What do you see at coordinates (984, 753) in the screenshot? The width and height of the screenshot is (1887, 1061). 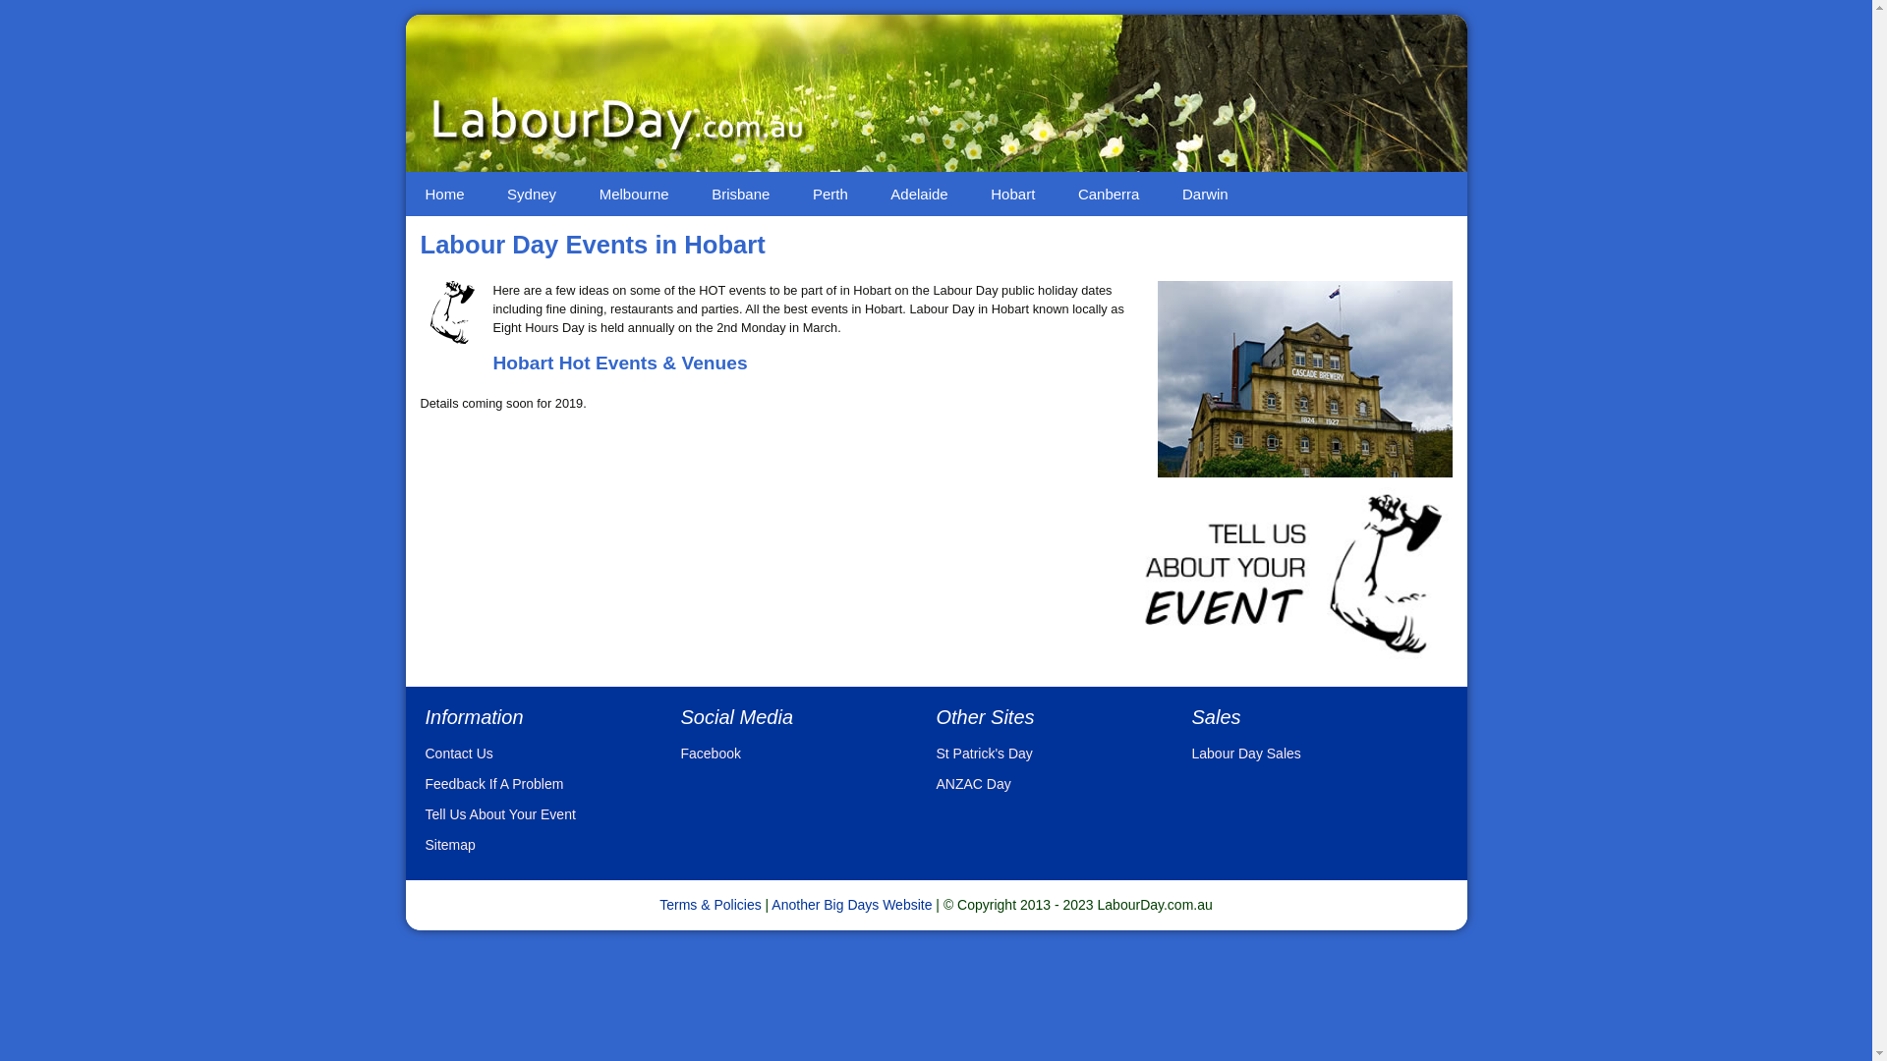 I see `'St Patrick's Day'` at bounding box center [984, 753].